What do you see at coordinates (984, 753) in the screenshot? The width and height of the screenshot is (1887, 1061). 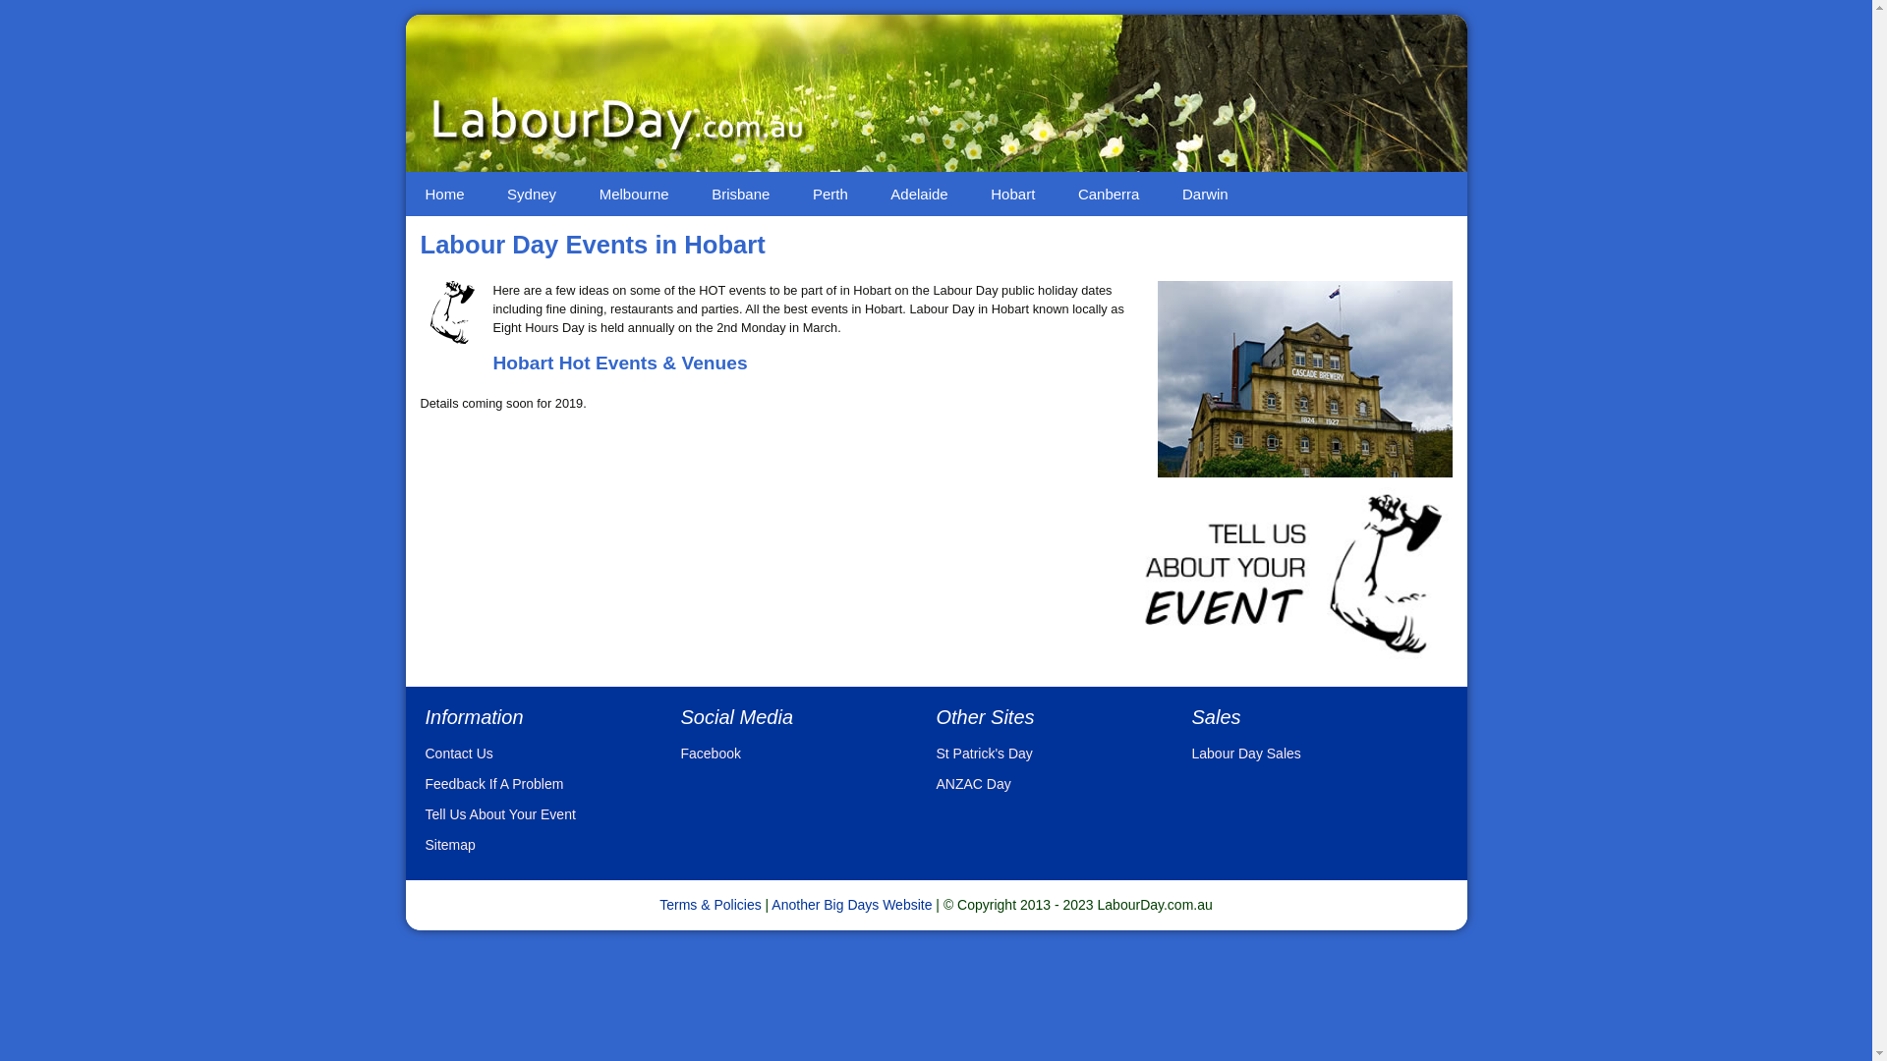 I see `'St Patrick's Day'` at bounding box center [984, 753].